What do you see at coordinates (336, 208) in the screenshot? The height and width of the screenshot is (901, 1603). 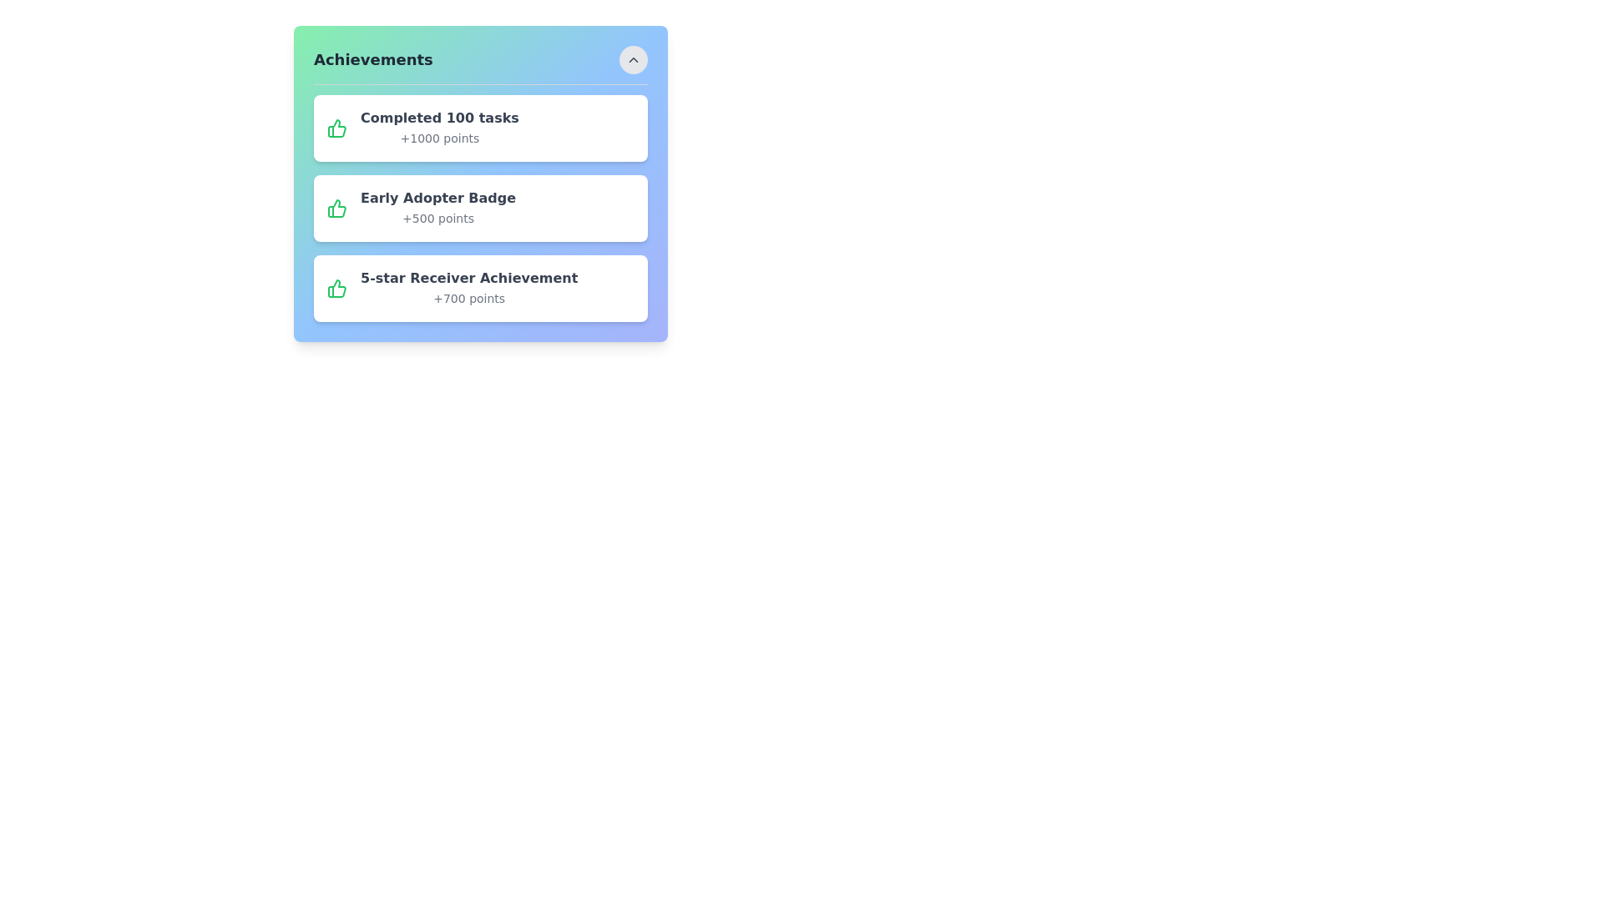 I see `the approval icon located to the left of the 'Early Adopter Badge' and '+500 points' text in the second row of the achievement list` at bounding box center [336, 208].